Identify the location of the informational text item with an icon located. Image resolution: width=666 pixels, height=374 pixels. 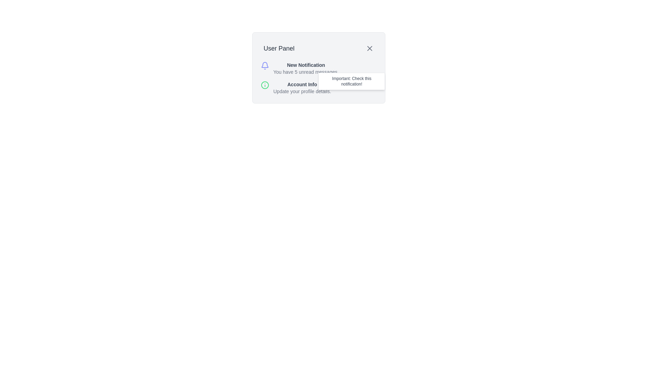
(318, 88).